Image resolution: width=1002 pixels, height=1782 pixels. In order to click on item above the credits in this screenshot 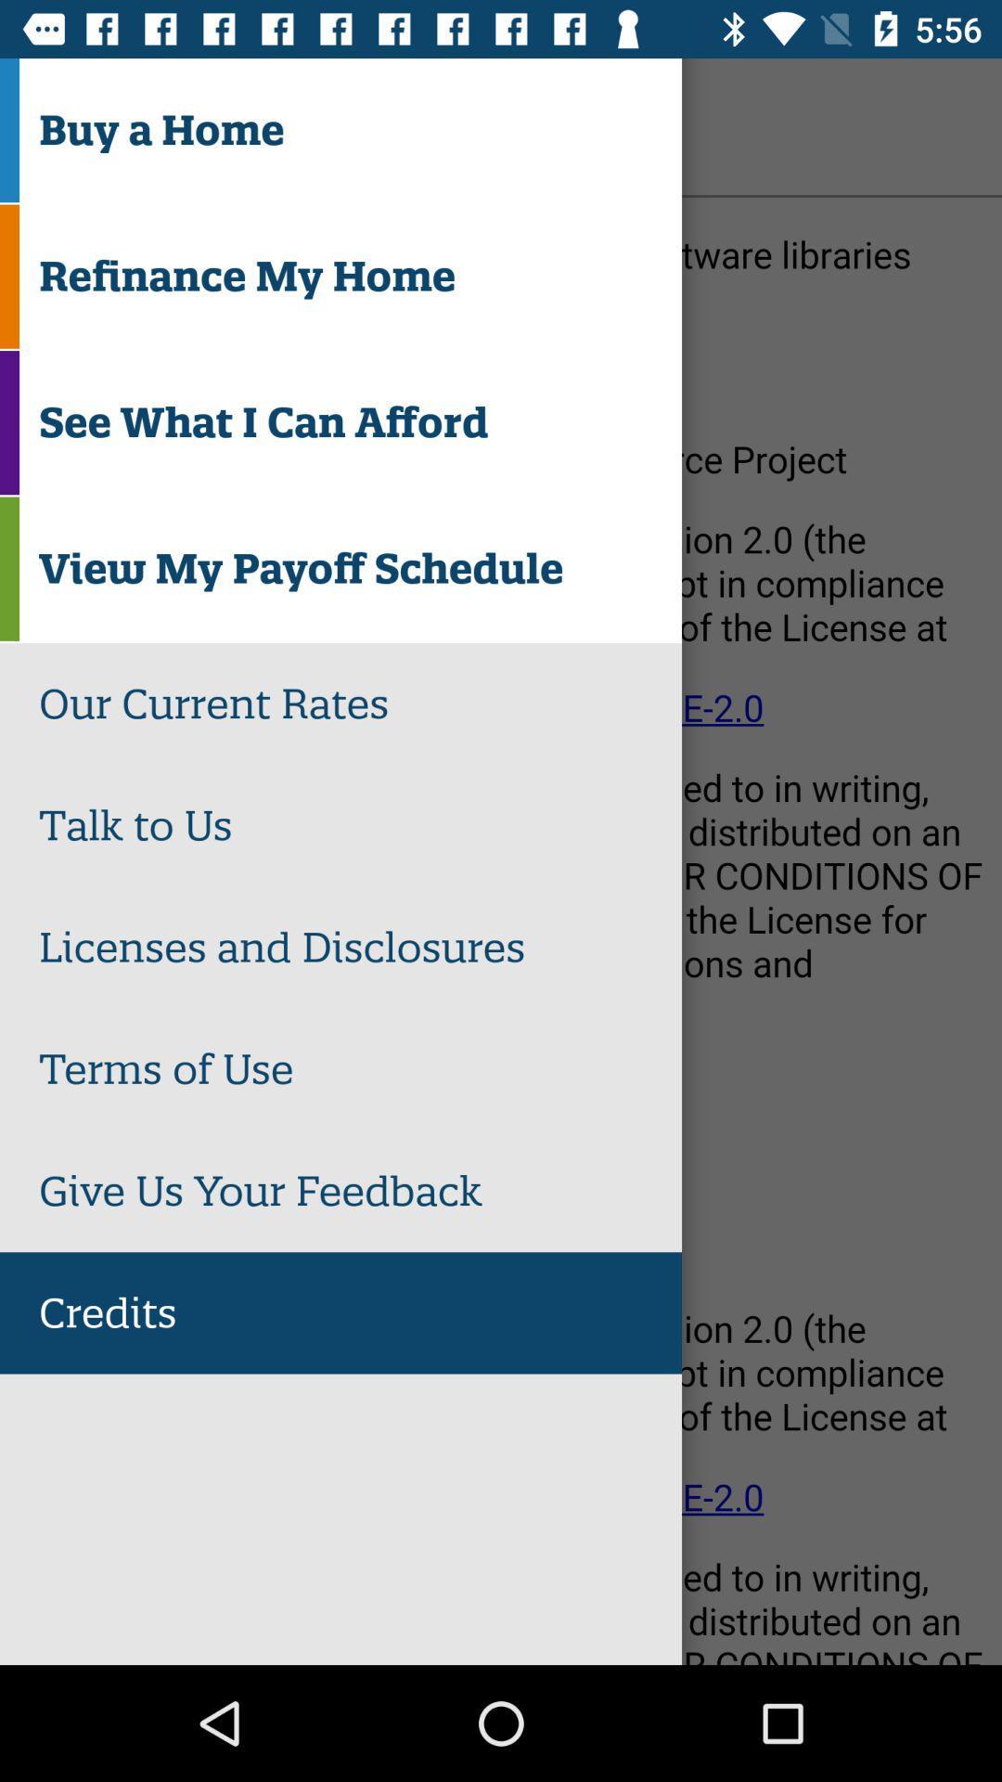, I will do `click(360, 1191)`.